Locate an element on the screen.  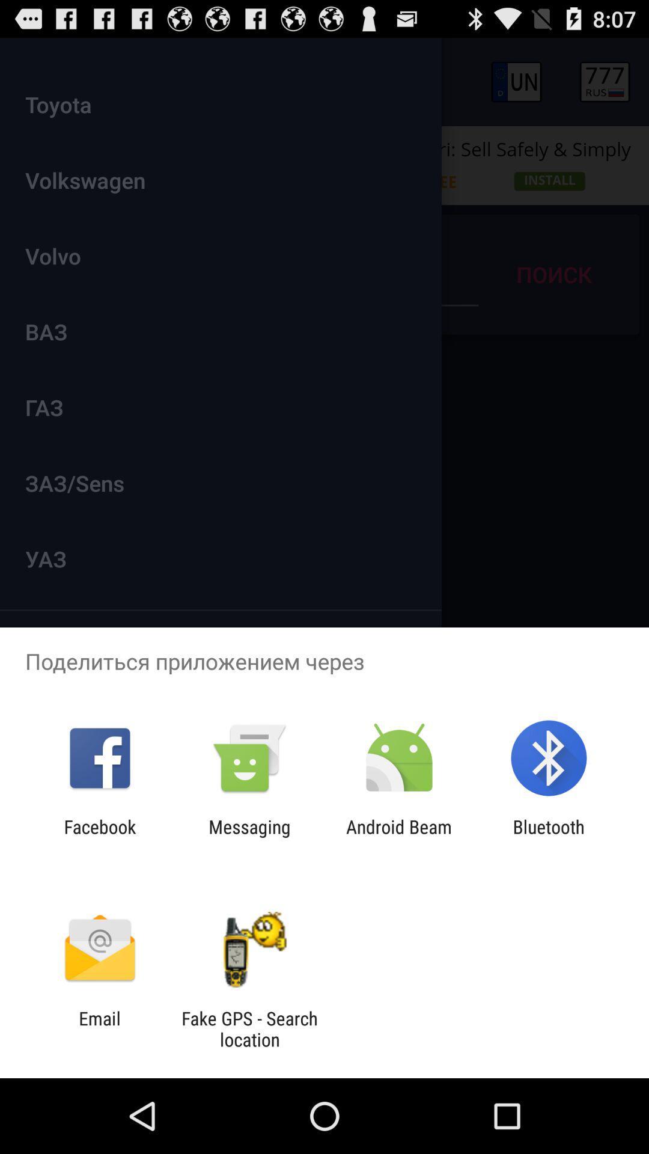
the app next to bluetooth is located at coordinates (399, 837).